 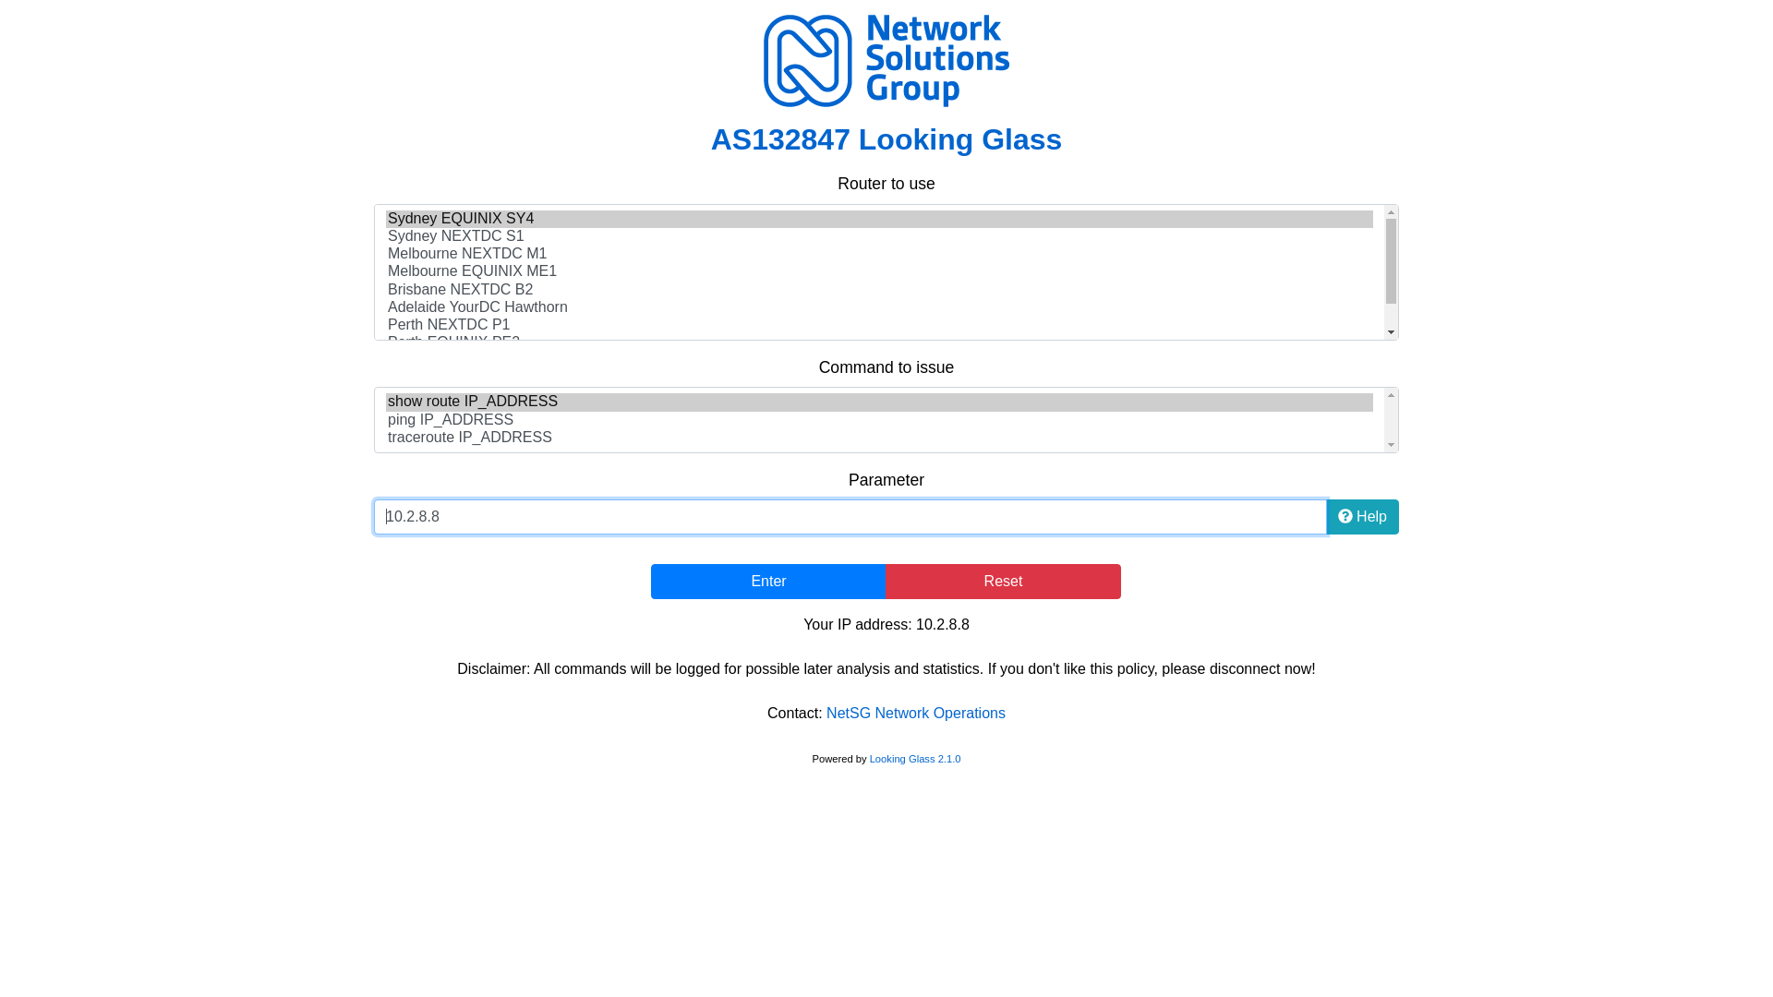 What do you see at coordinates (1324, 516) in the screenshot?
I see `'Help'` at bounding box center [1324, 516].